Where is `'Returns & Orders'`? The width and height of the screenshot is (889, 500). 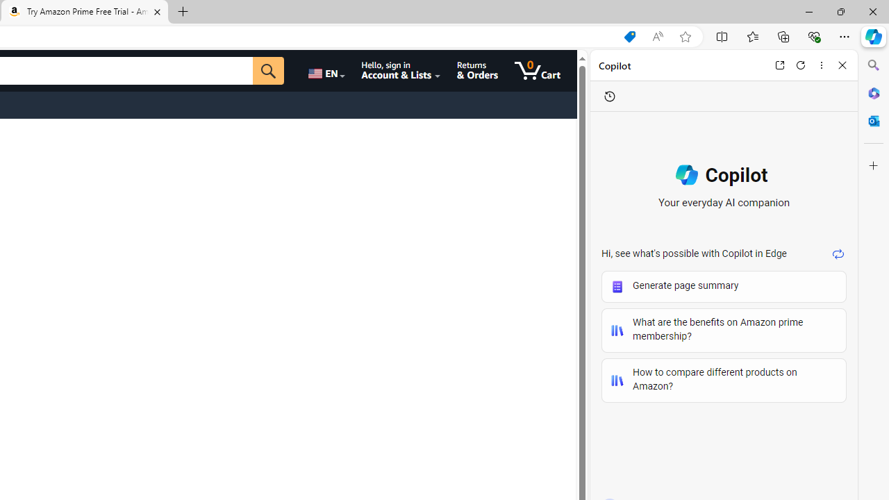
'Returns & Orders' is located at coordinates (477, 70).